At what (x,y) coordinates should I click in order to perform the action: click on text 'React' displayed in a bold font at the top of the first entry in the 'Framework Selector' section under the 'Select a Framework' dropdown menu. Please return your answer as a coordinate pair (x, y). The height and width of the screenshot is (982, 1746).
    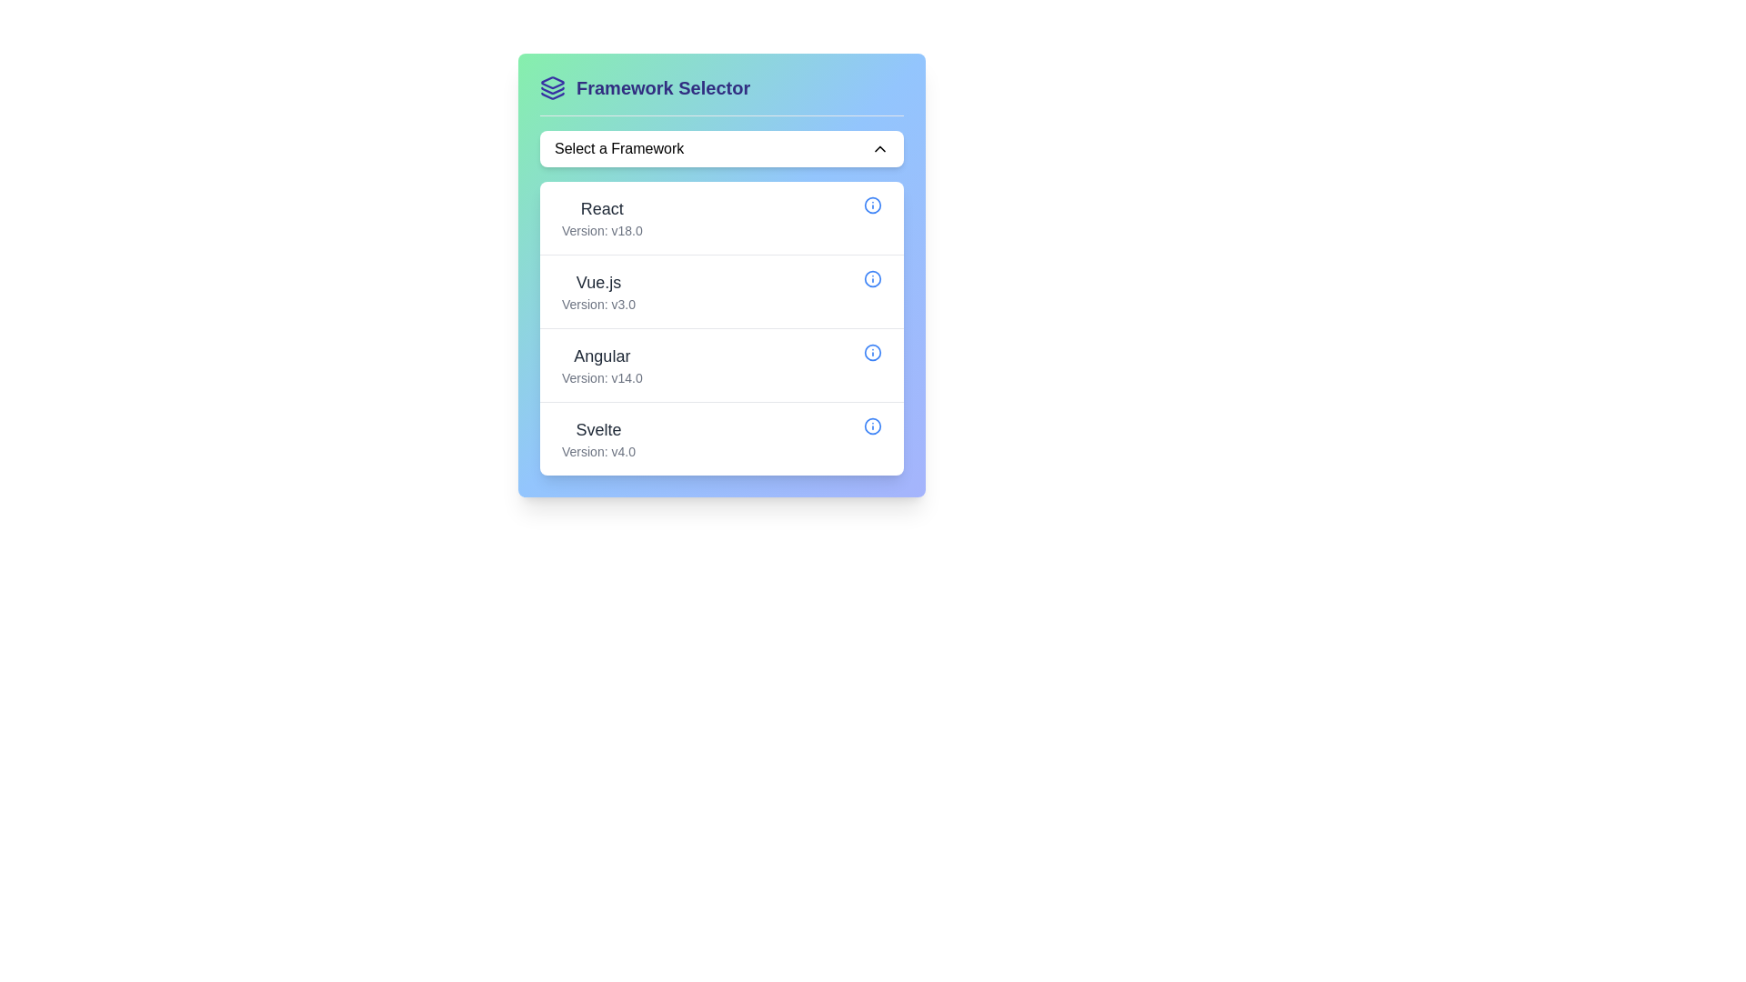
    Looking at the image, I should click on (602, 208).